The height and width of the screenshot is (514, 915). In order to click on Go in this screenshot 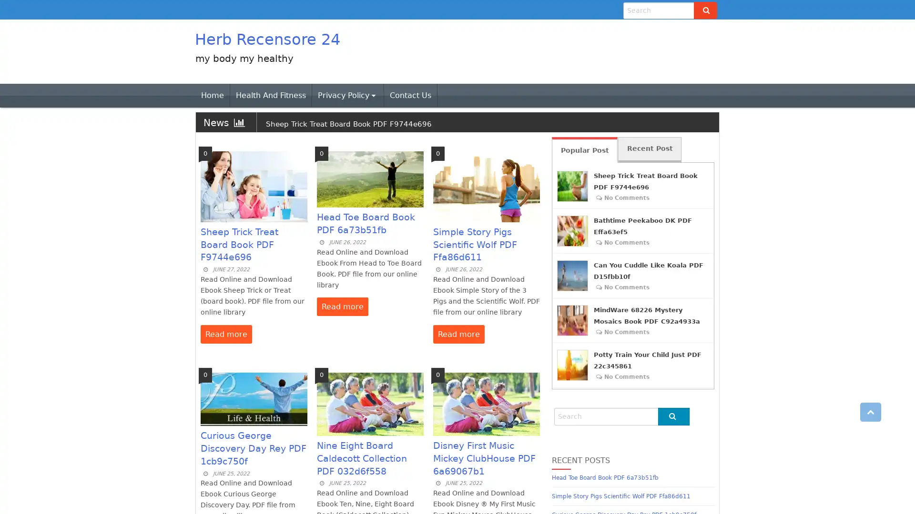, I will do `click(673, 415)`.